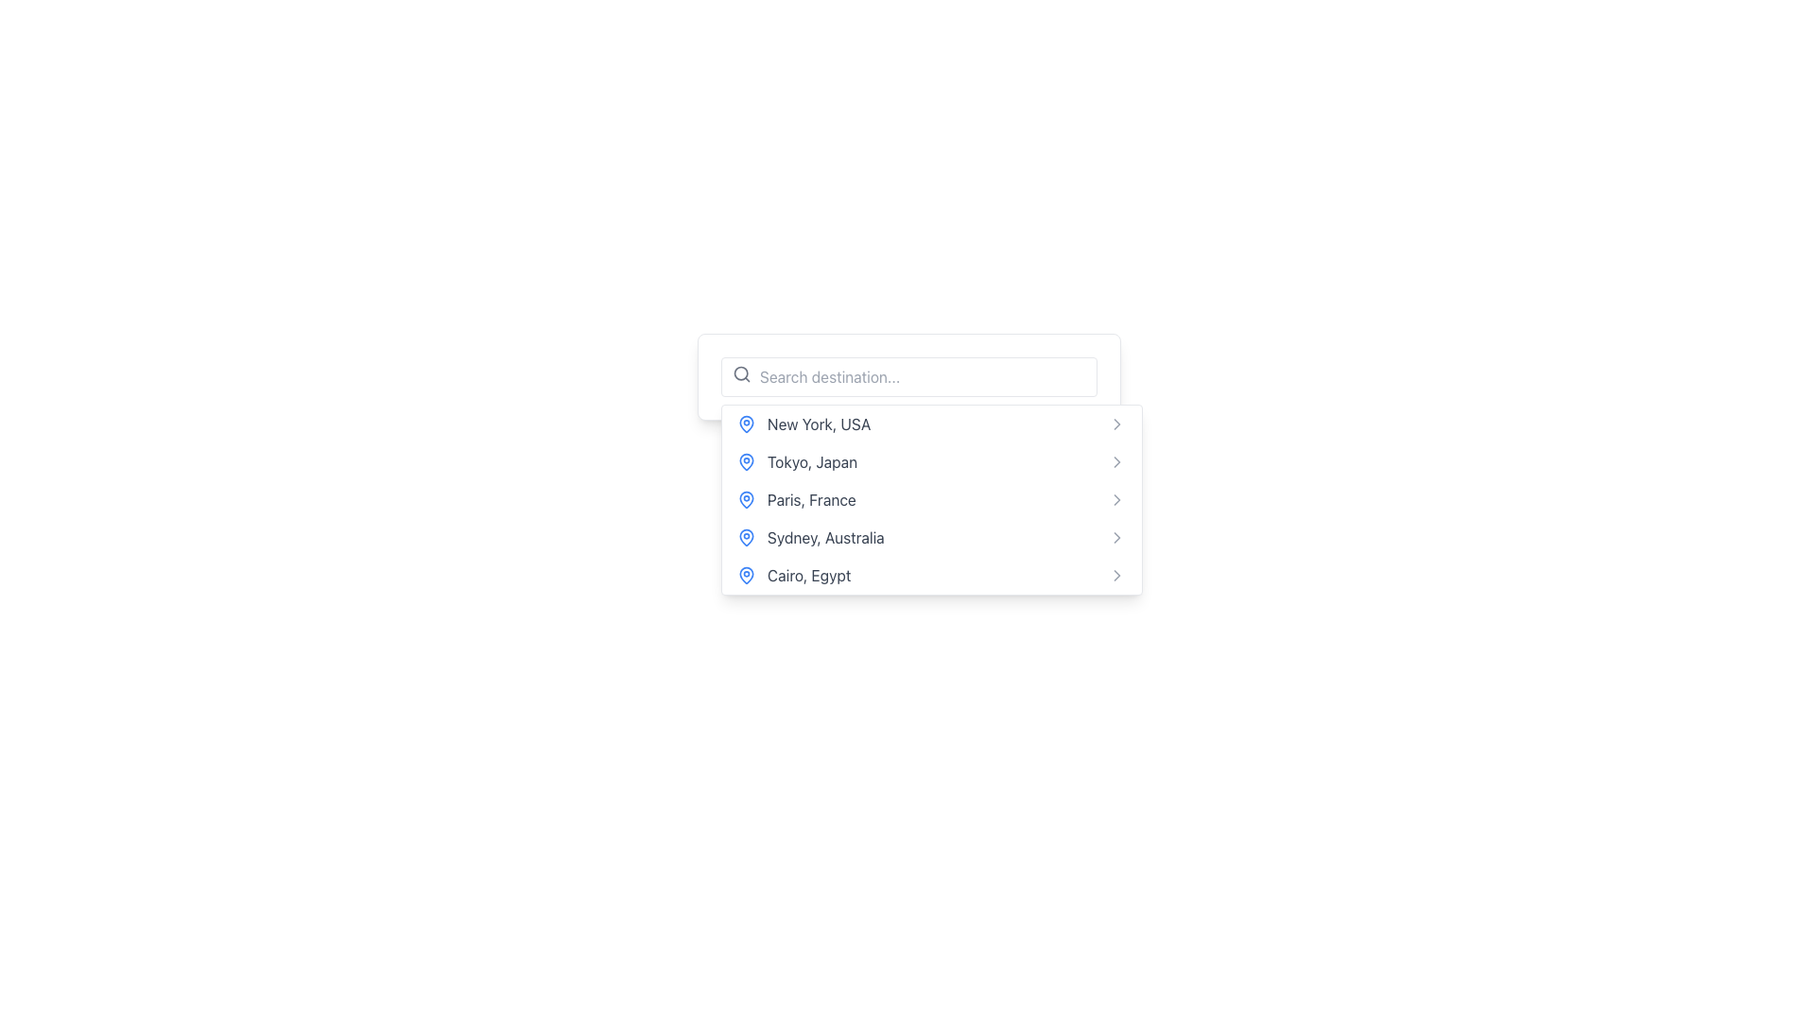  Describe the element at coordinates (746, 536) in the screenshot. I see `the graphical icon representing the location 'Sydney, Australia' in the fourth list item of the dropdown menu` at that location.